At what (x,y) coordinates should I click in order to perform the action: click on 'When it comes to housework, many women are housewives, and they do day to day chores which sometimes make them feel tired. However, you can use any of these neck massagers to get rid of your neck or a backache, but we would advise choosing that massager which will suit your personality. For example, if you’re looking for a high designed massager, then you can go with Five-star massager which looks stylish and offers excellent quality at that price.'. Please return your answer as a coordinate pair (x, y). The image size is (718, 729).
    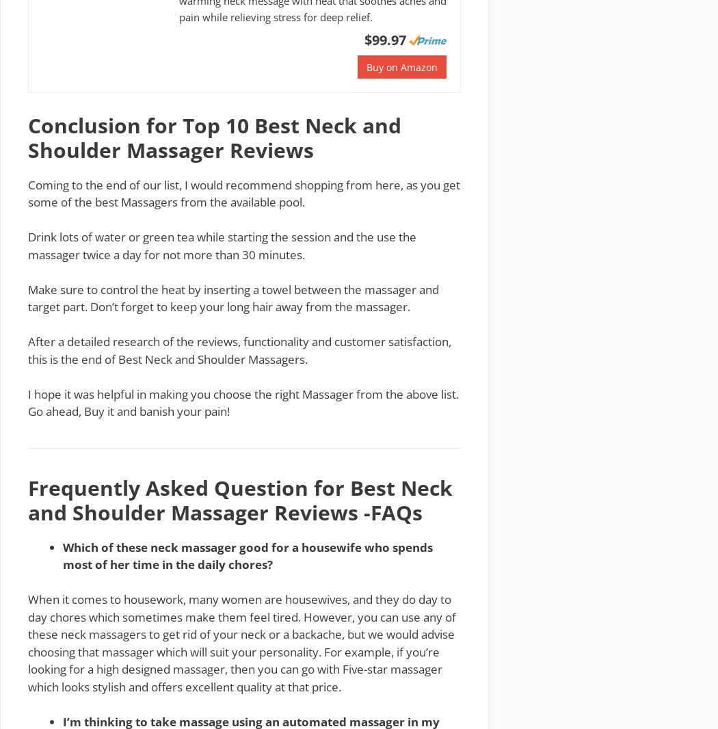
    Looking at the image, I should click on (241, 642).